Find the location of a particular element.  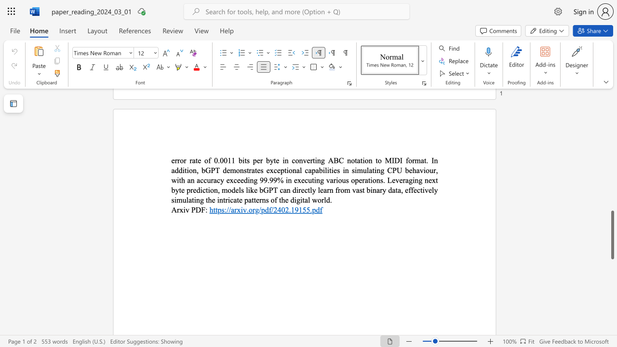

the scrollbar to move the content higher is located at coordinates (612, 173).